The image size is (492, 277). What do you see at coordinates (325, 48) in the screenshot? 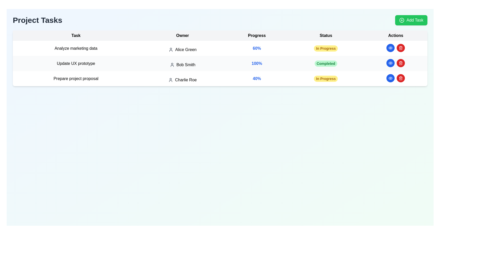
I see `the badge with a yellow background and text reading 'In Progress' in bold font, located in the 'Status' column of the first task row for the task titled 'Analyze marketing data'` at bounding box center [325, 48].